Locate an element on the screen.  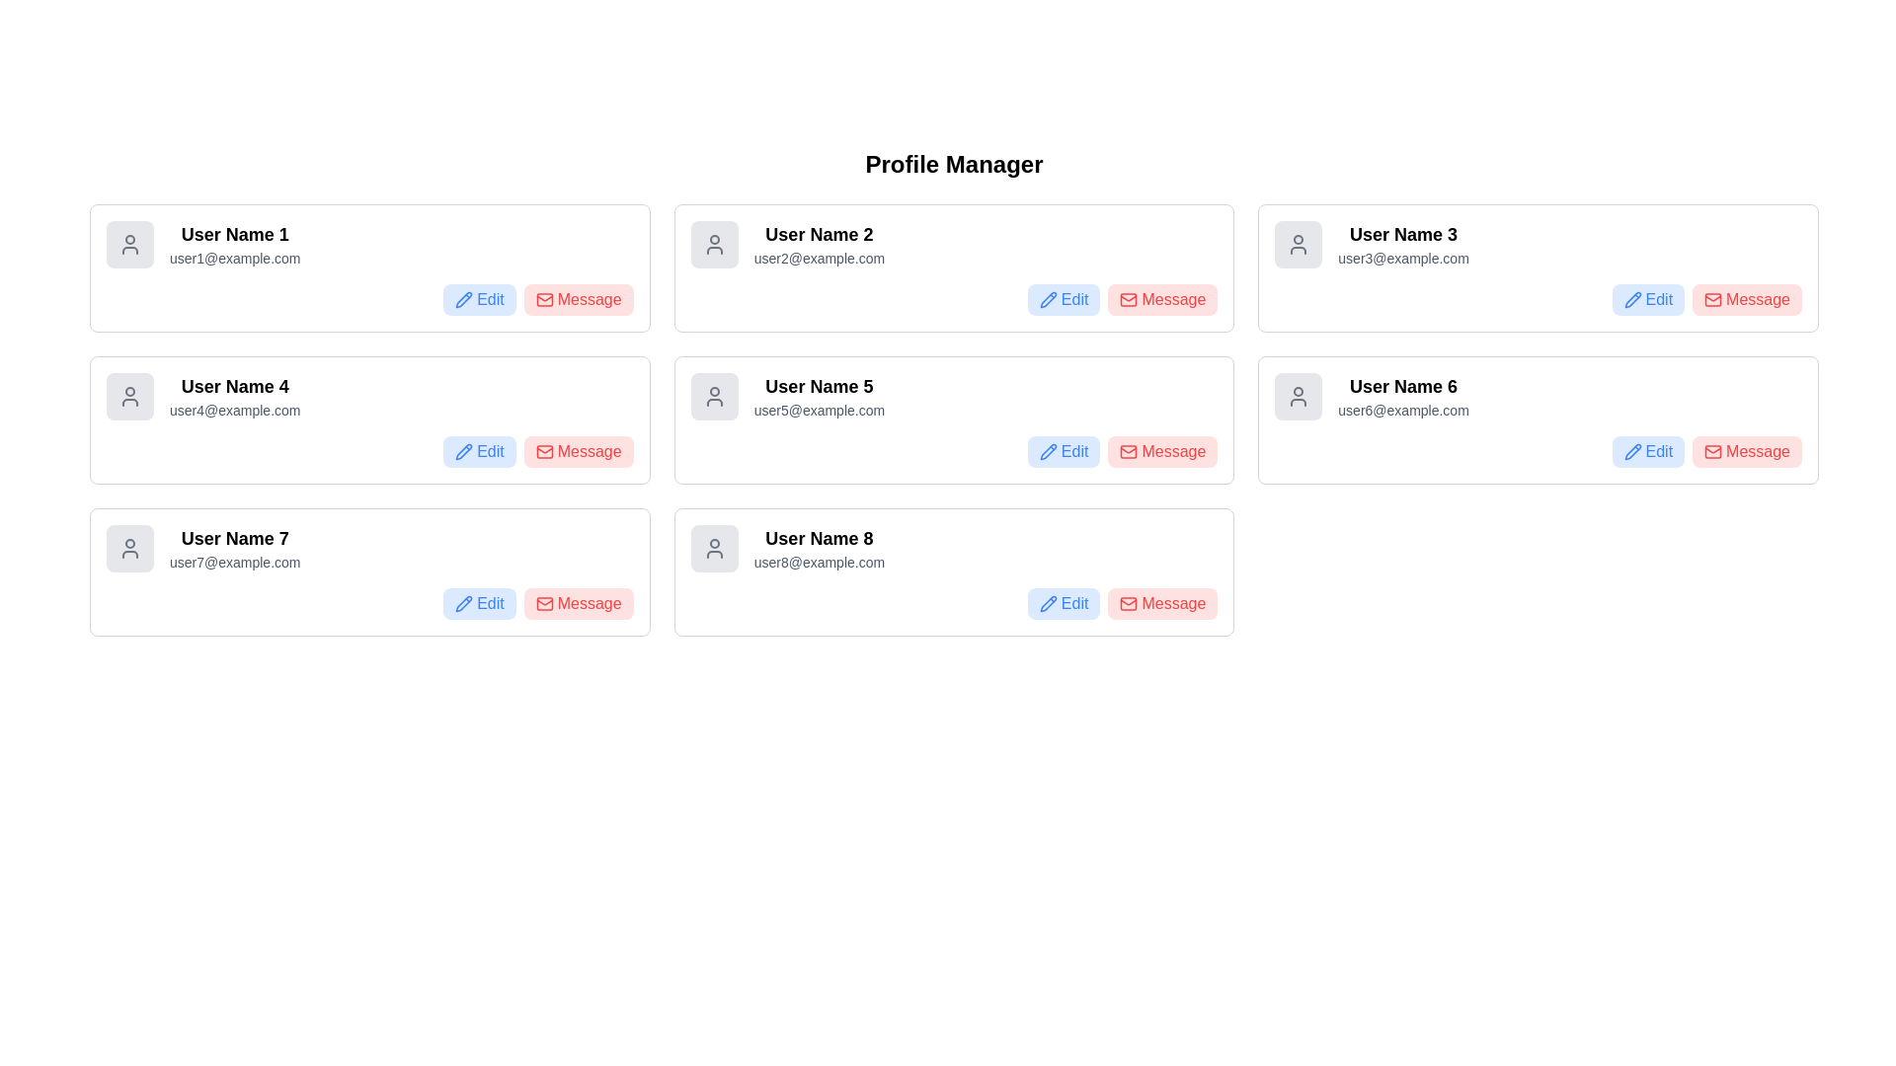
the text block displaying 'User Name 4' and 'user4@example.com', which is the second item in the first vertical column of user profiles is located at coordinates (235, 396).